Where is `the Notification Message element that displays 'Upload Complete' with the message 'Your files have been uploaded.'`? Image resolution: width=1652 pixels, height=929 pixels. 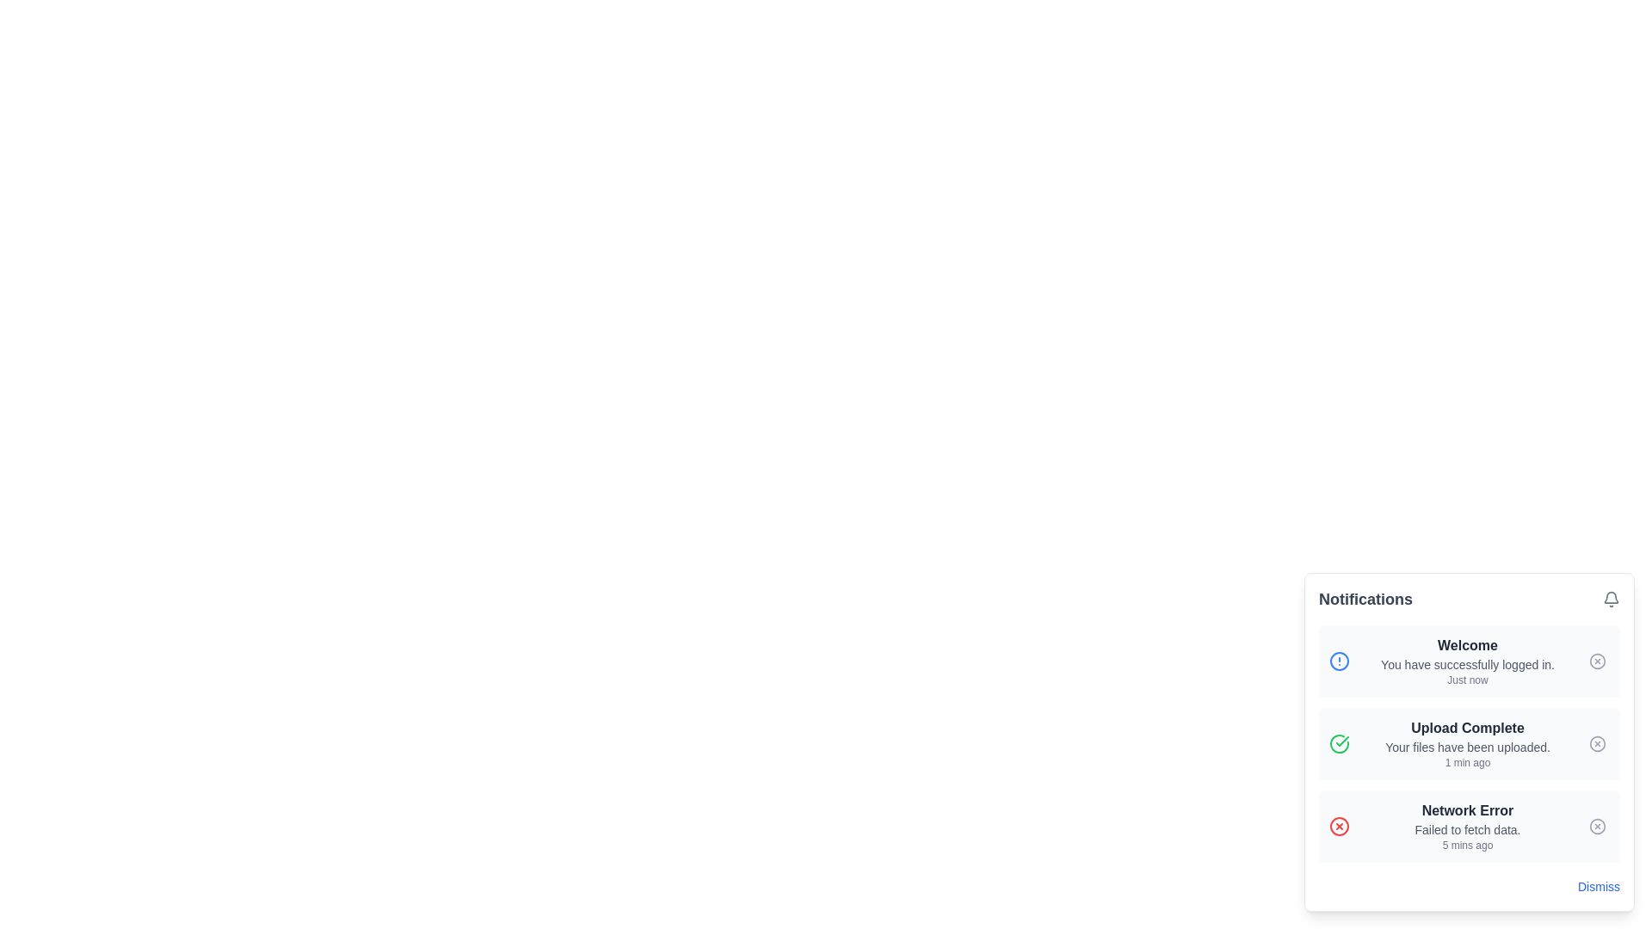
the Notification Message element that displays 'Upload Complete' with the message 'Your files have been uploaded.' is located at coordinates (1466, 742).